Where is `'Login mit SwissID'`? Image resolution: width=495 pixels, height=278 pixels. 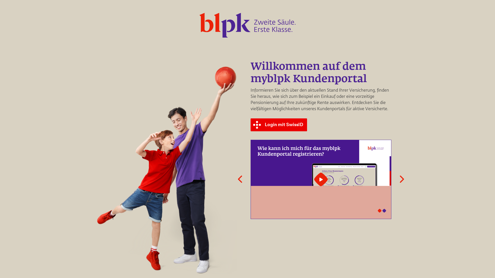
'Login mit SwissID' is located at coordinates (279, 125).